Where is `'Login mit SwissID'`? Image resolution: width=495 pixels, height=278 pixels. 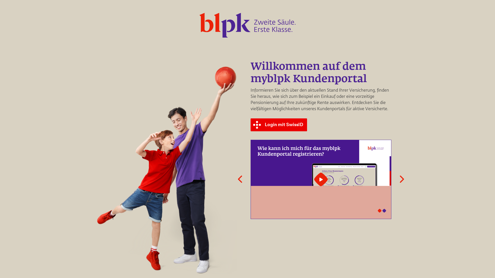
'Login mit SwissID' is located at coordinates (279, 125).